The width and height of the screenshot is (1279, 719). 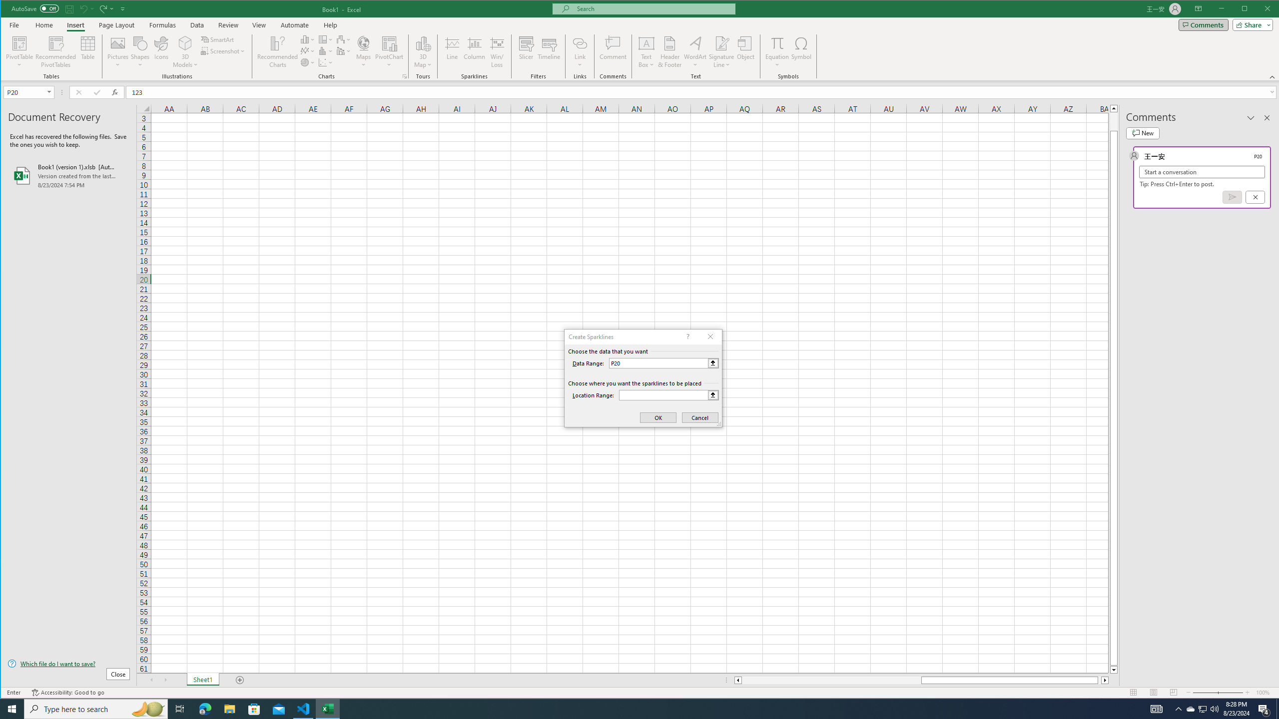 I want to click on 'Page left', so click(x=831, y=680).